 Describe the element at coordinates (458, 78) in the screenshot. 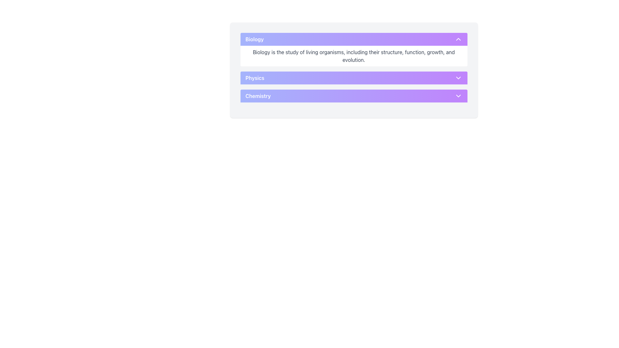

I see `the collapsible icon associated with the 'Physics' label` at that location.